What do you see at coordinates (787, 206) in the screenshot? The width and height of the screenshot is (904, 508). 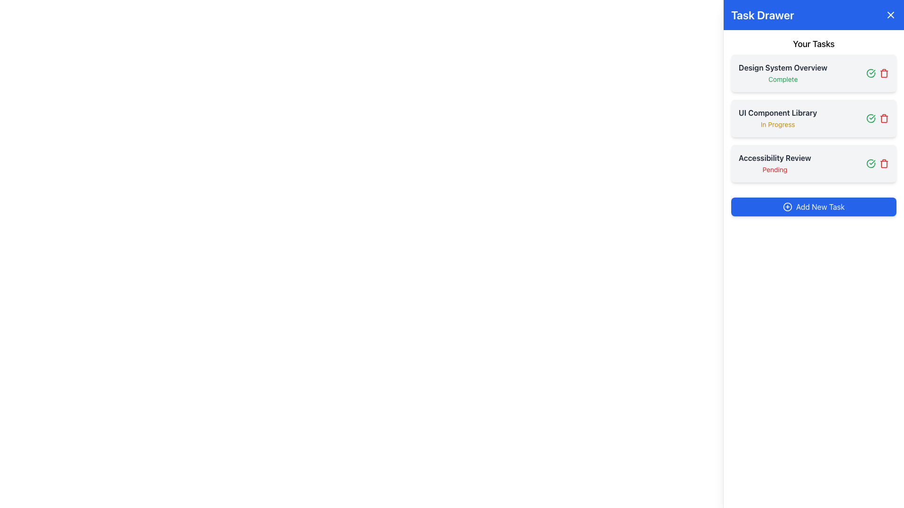 I see `the circular SVG graphic icon centered within the blue button at the bottom of the task drawer` at bounding box center [787, 206].